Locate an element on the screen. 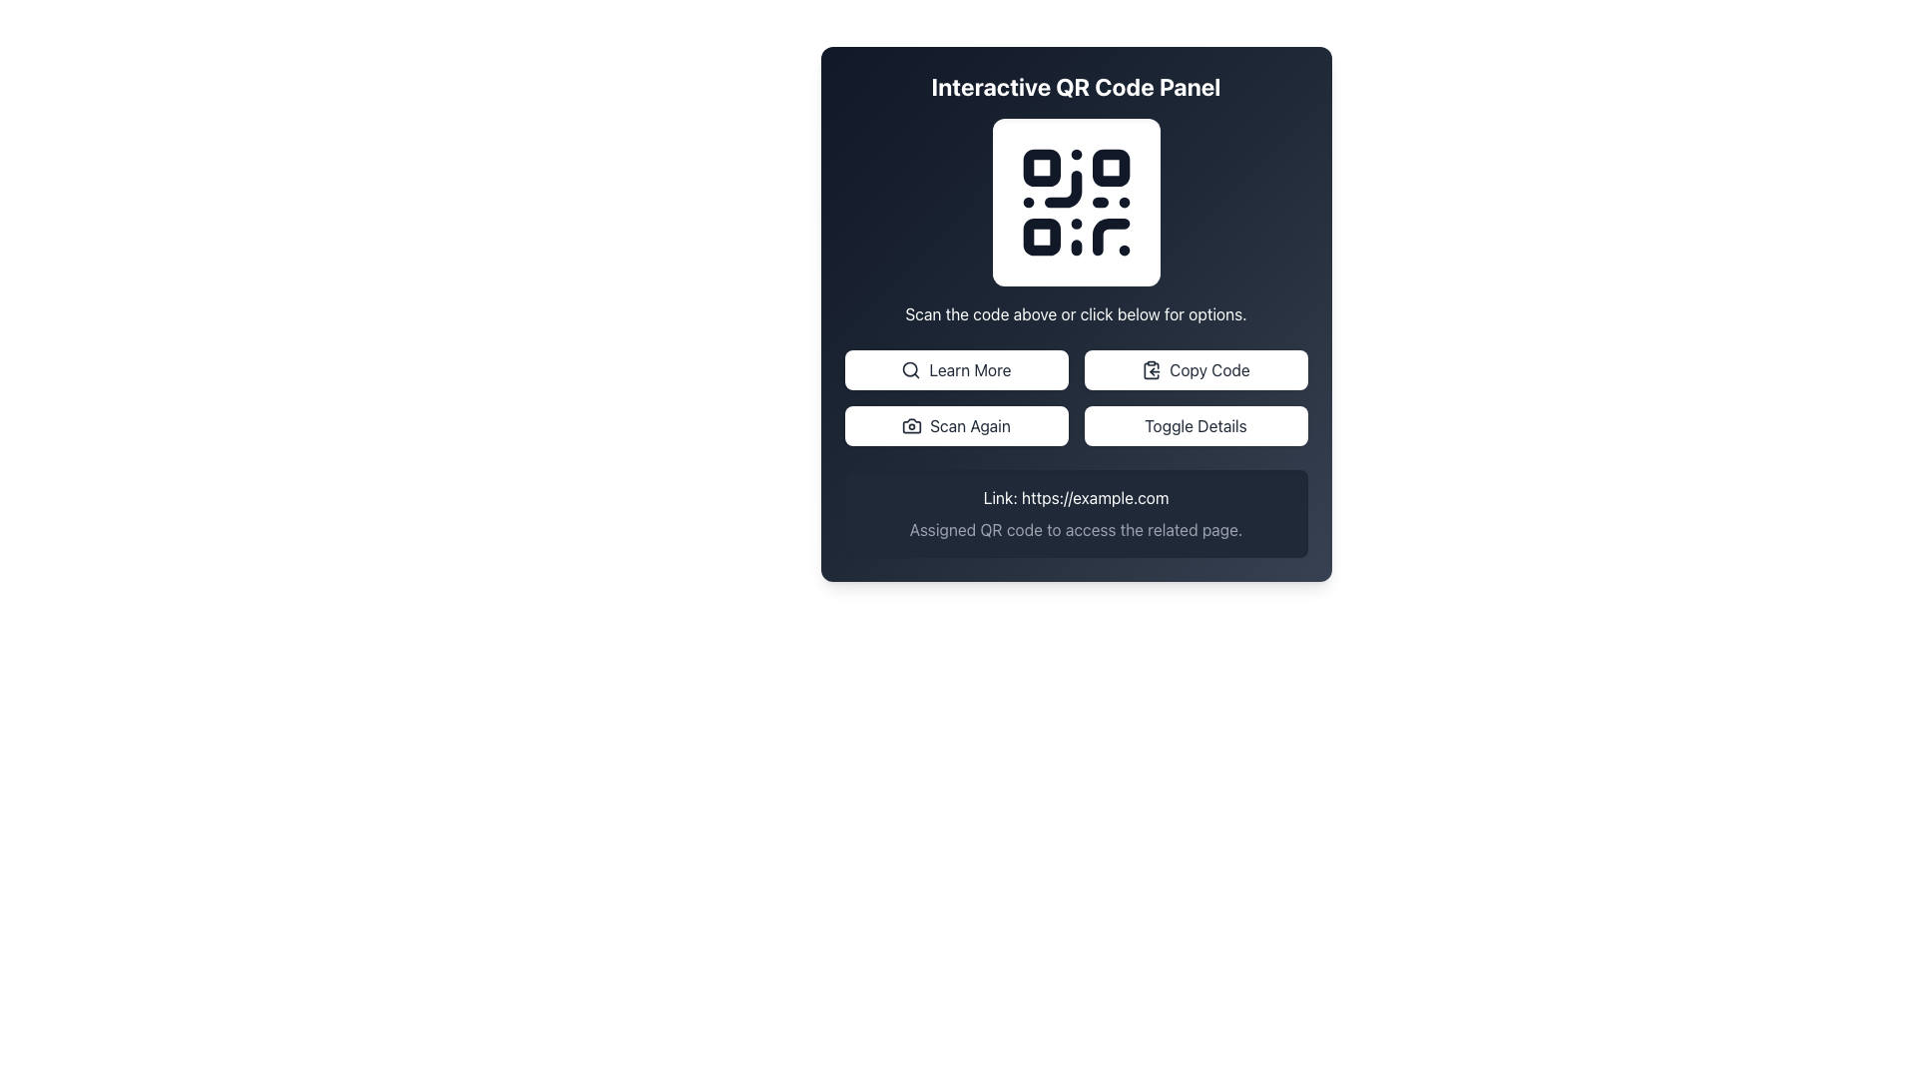 The height and width of the screenshot is (1078, 1916). the 'Toggle Details' button located in the lower-right section of the grid layout is located at coordinates (1196, 425).